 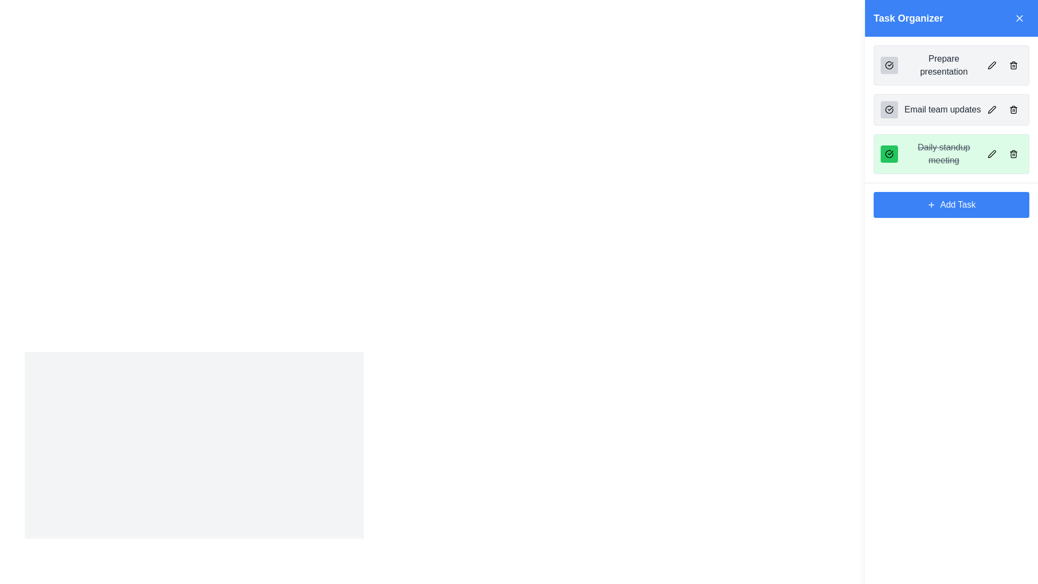 I want to click on the edit icon, which is a small pen-like icon located within the task organizer interface for the task titled 'Daily standup meeting', so click(x=992, y=154).